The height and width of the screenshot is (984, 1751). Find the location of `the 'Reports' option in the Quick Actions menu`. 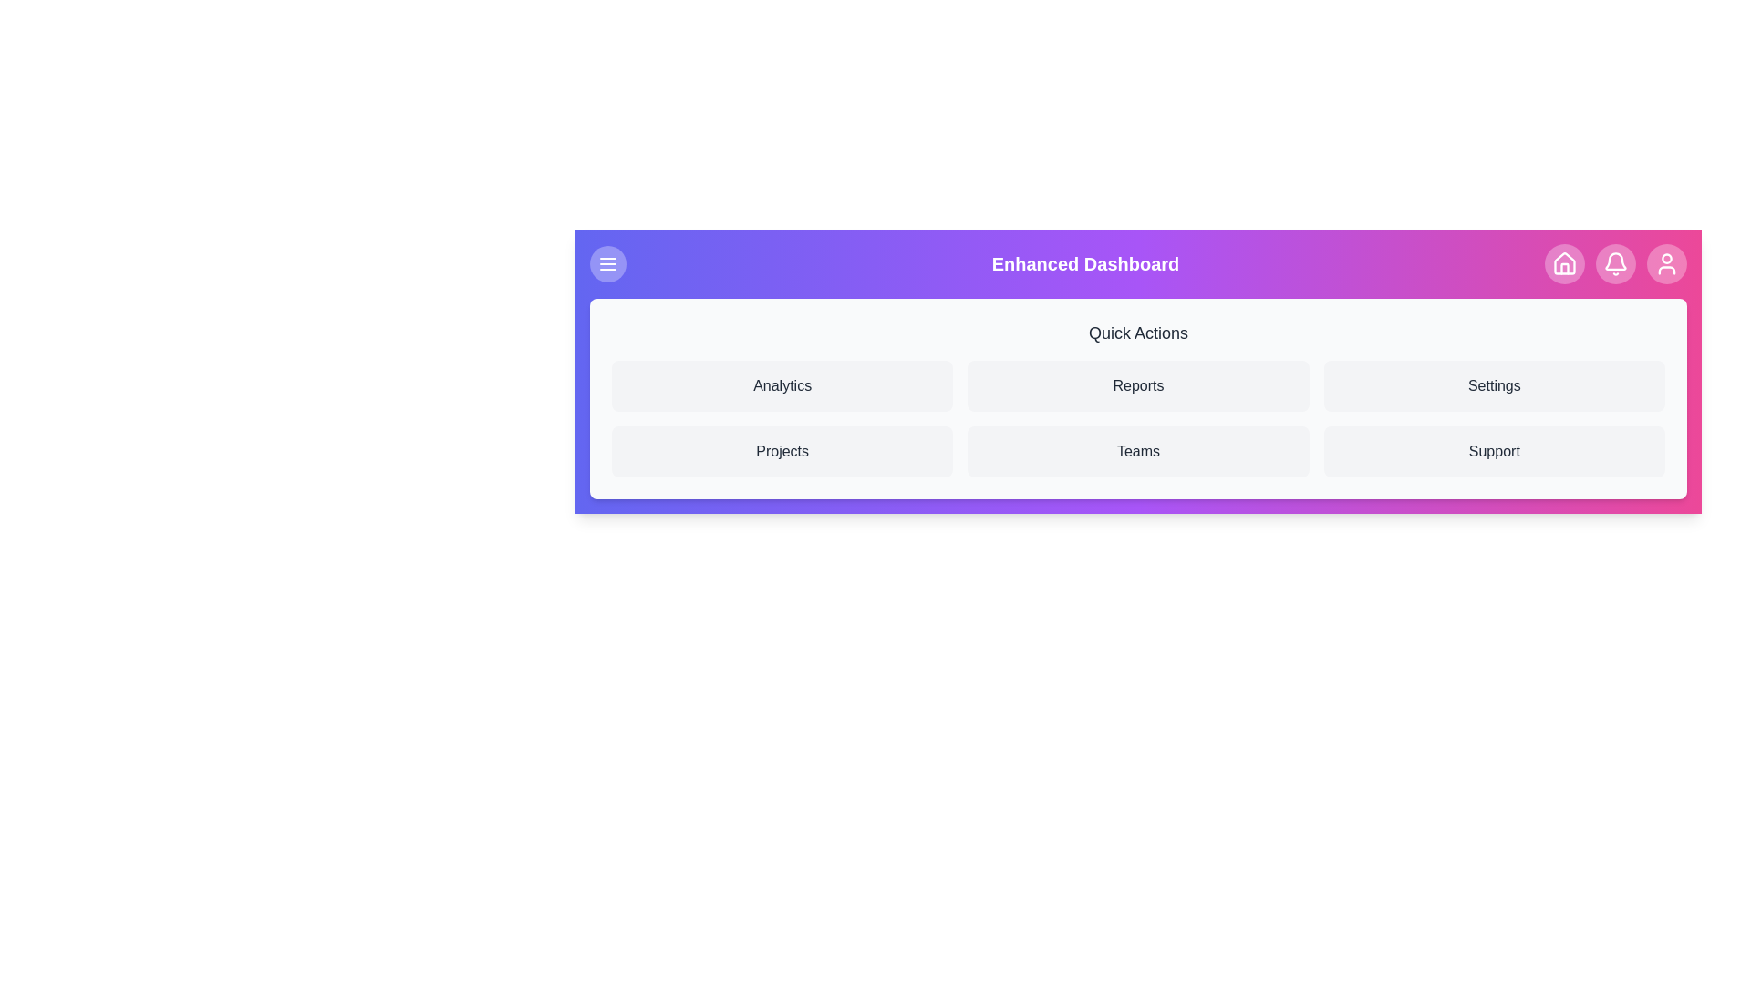

the 'Reports' option in the Quick Actions menu is located at coordinates (1137, 385).